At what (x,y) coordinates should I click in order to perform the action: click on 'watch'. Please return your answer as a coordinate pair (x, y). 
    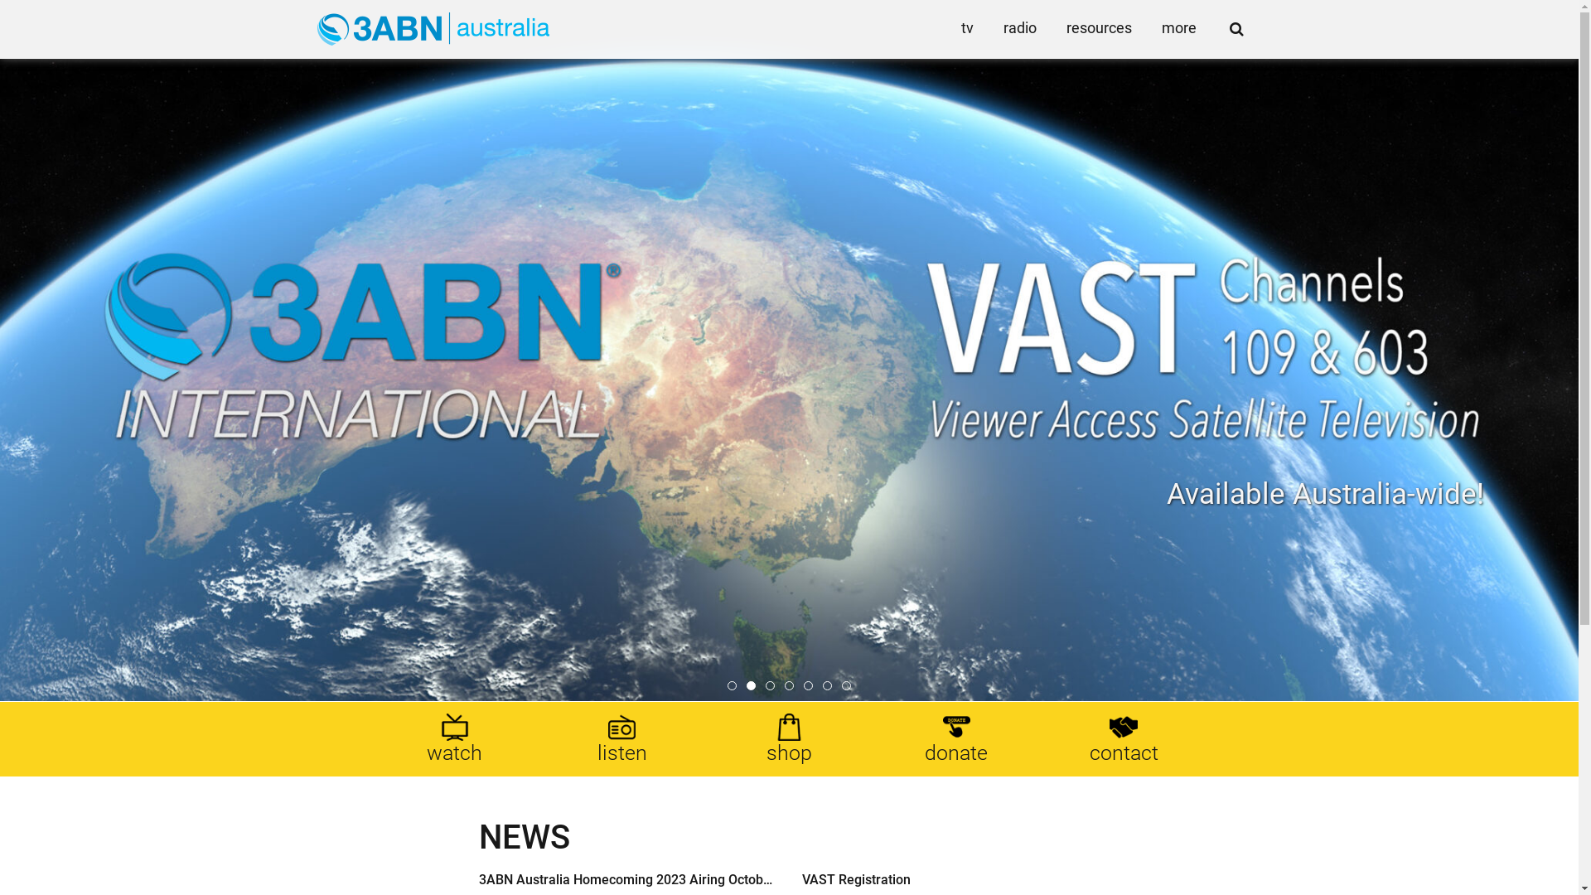
    Looking at the image, I should click on (370, 738).